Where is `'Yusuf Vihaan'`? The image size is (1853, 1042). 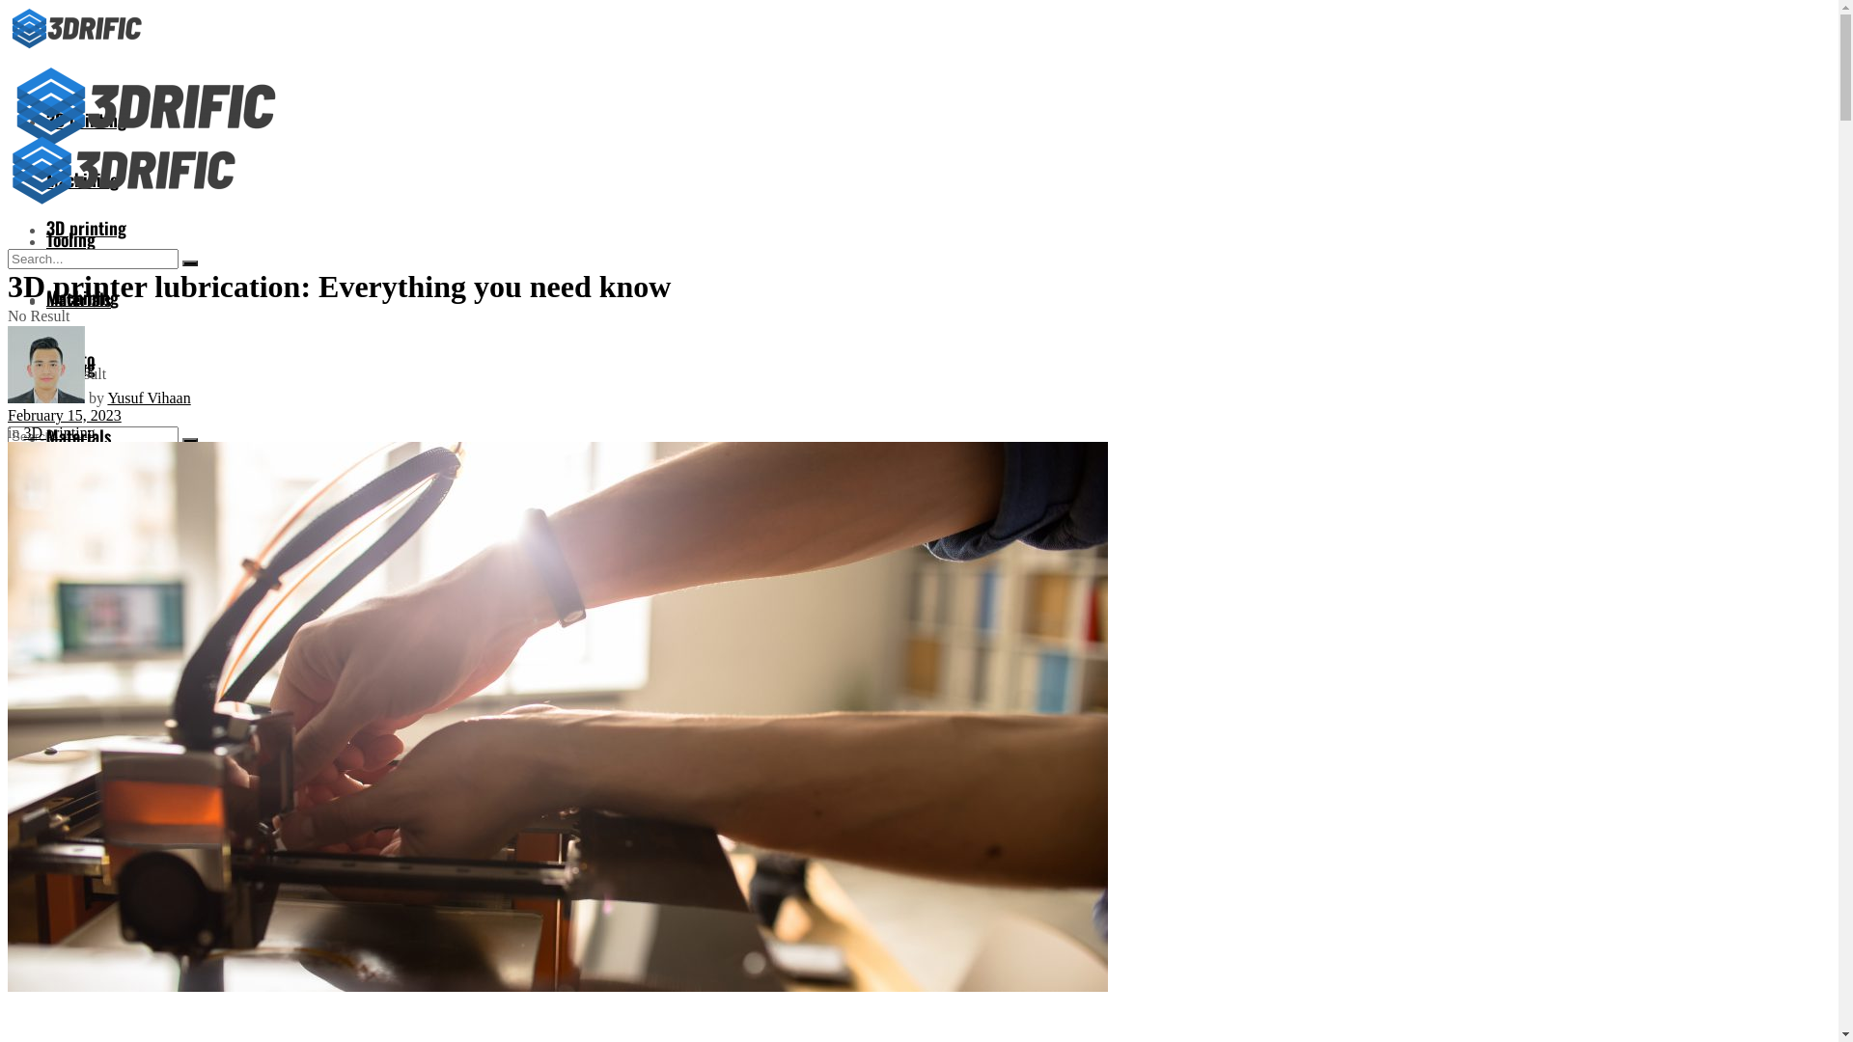
'Yusuf Vihaan' is located at coordinates (147, 397).